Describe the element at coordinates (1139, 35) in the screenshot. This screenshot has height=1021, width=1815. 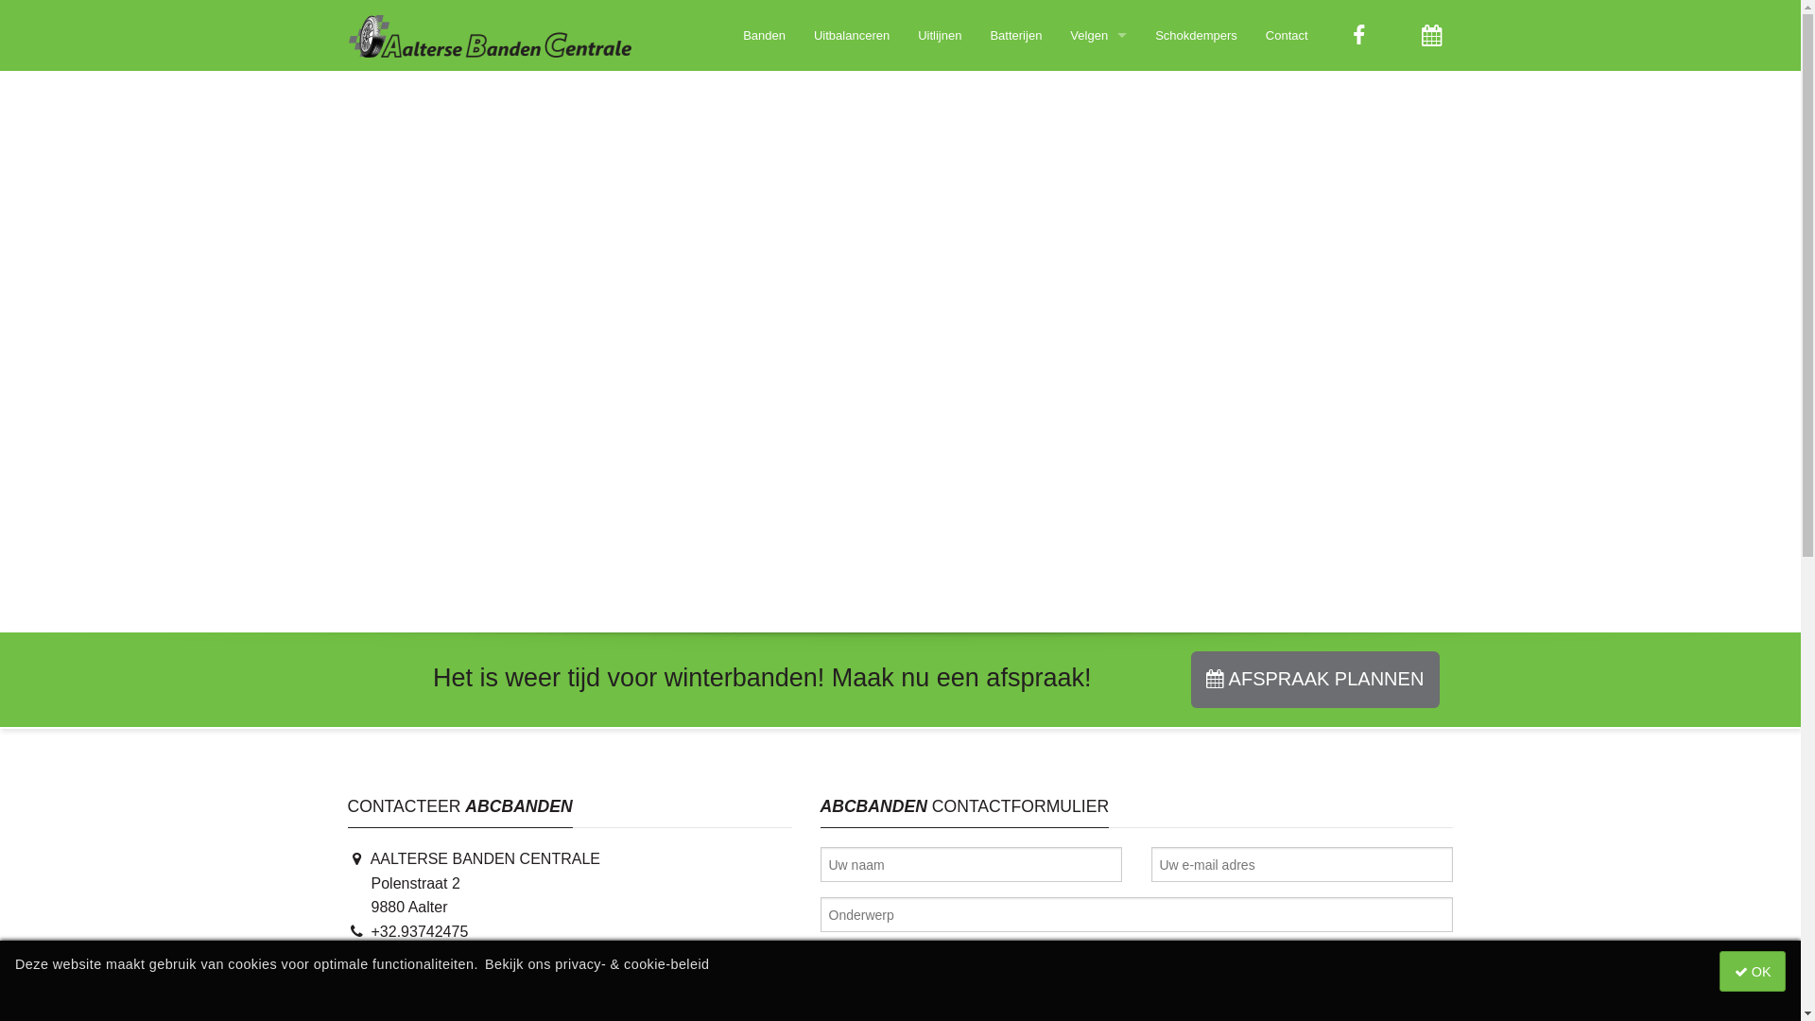
I see `'Schokdempers'` at that location.